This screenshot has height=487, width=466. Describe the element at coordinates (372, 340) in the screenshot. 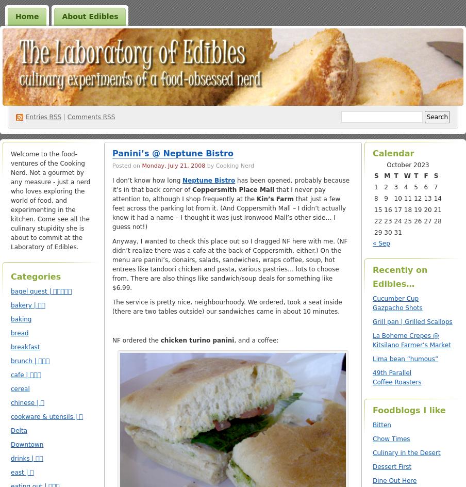

I see `'La Boheme Crepes @ Kitsilano Farmer’s Market'` at that location.